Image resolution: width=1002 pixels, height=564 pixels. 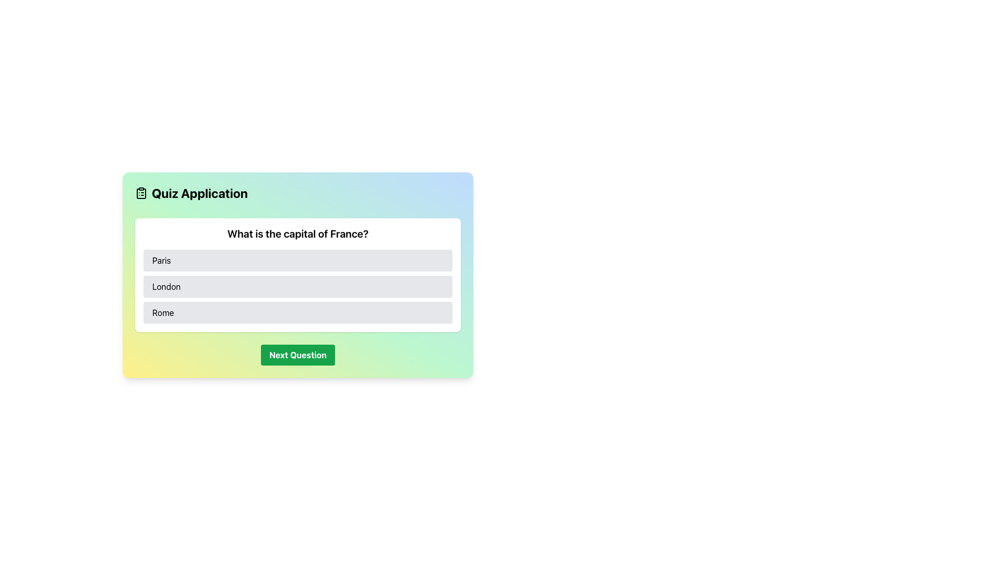 I want to click on the clipboard icon located to the left of the 'Quiz Application' title in the header section of the interface, so click(x=140, y=193).